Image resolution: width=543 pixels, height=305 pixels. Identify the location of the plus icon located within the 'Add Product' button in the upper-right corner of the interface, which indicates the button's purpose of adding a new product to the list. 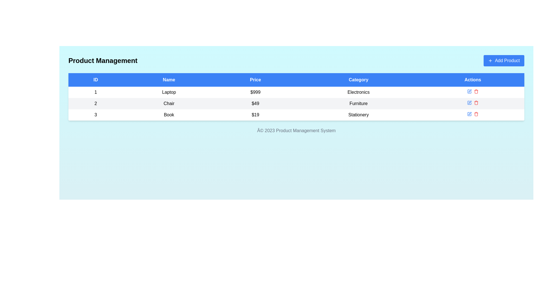
(490, 61).